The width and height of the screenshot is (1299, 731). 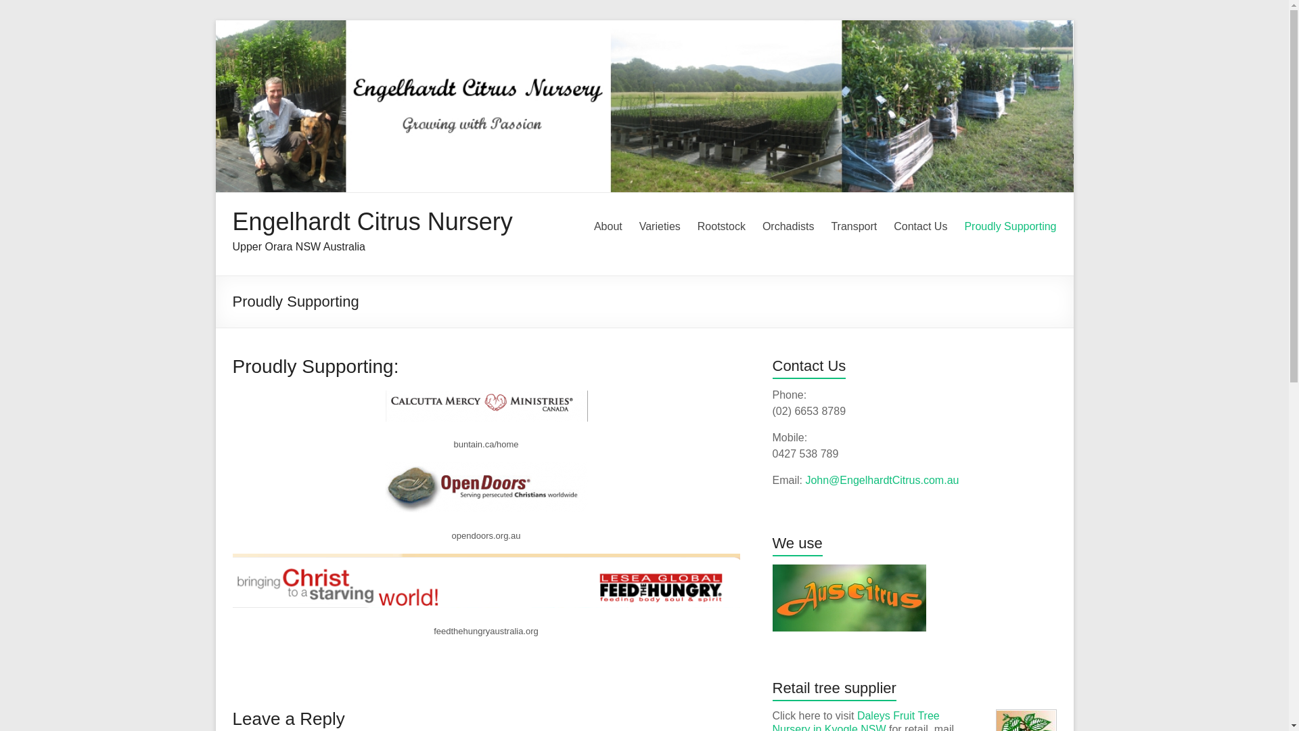 I want to click on 'Transport', so click(x=853, y=226).